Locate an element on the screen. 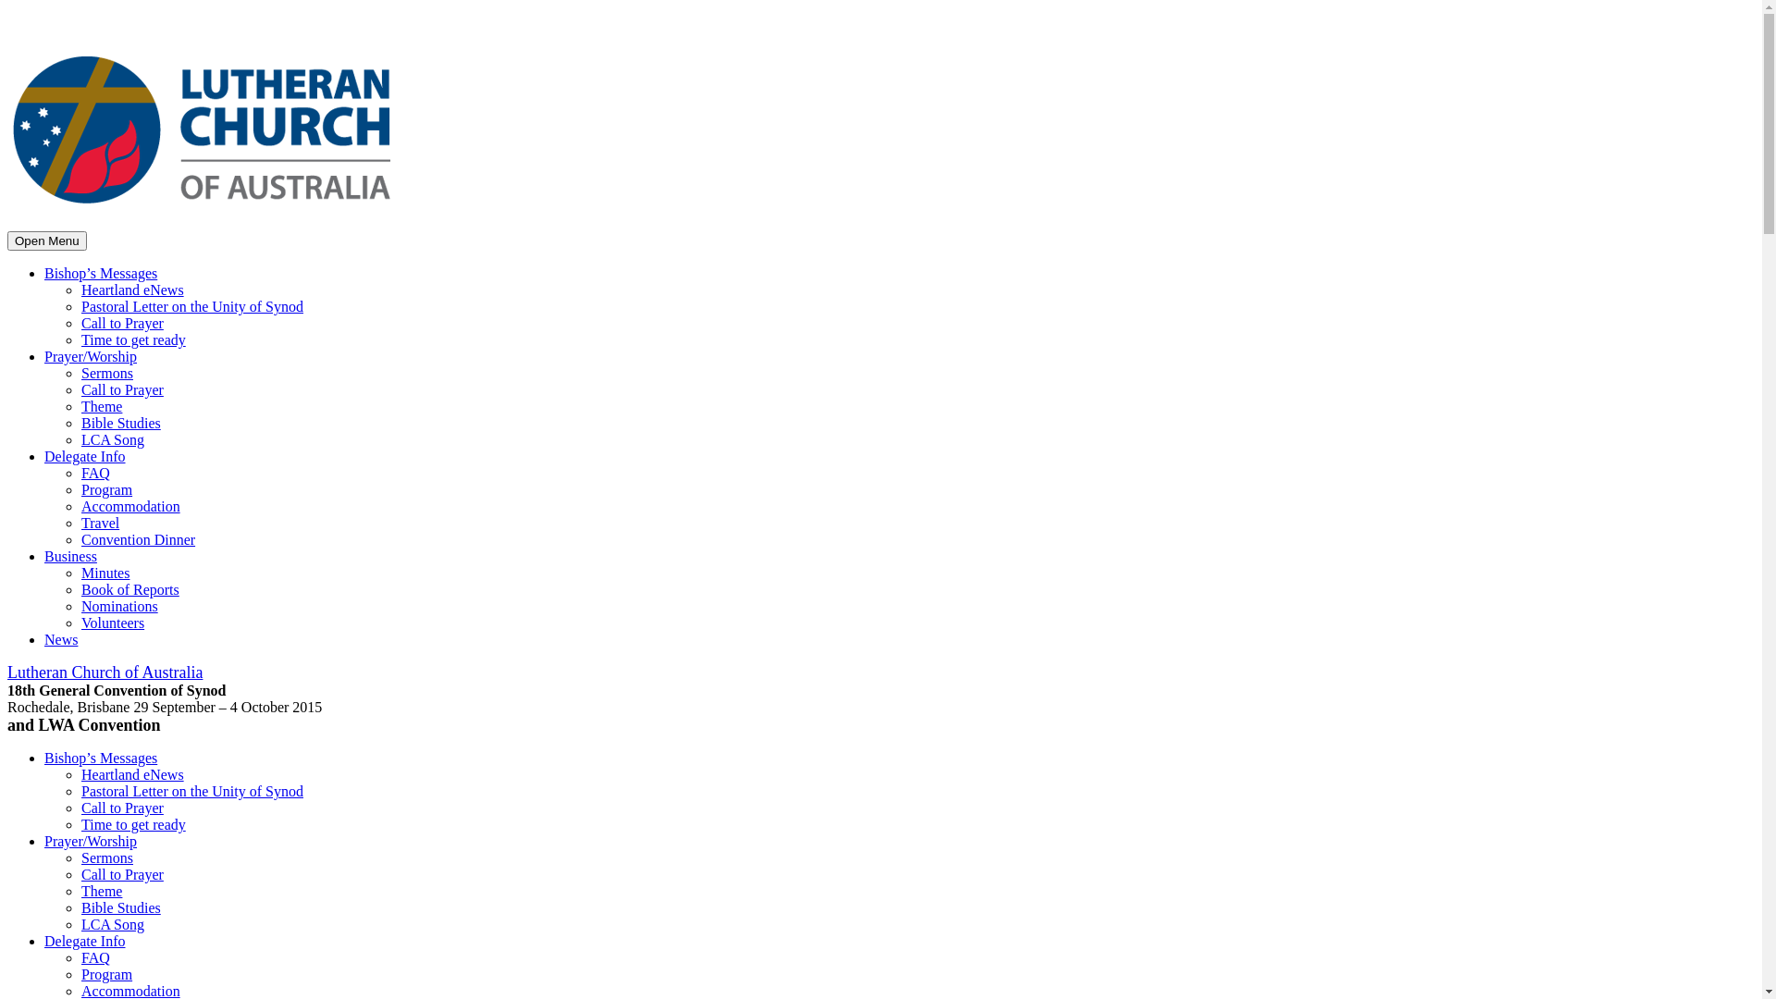 Image resolution: width=1776 pixels, height=999 pixels. 'Sermons' is located at coordinates (105, 857).